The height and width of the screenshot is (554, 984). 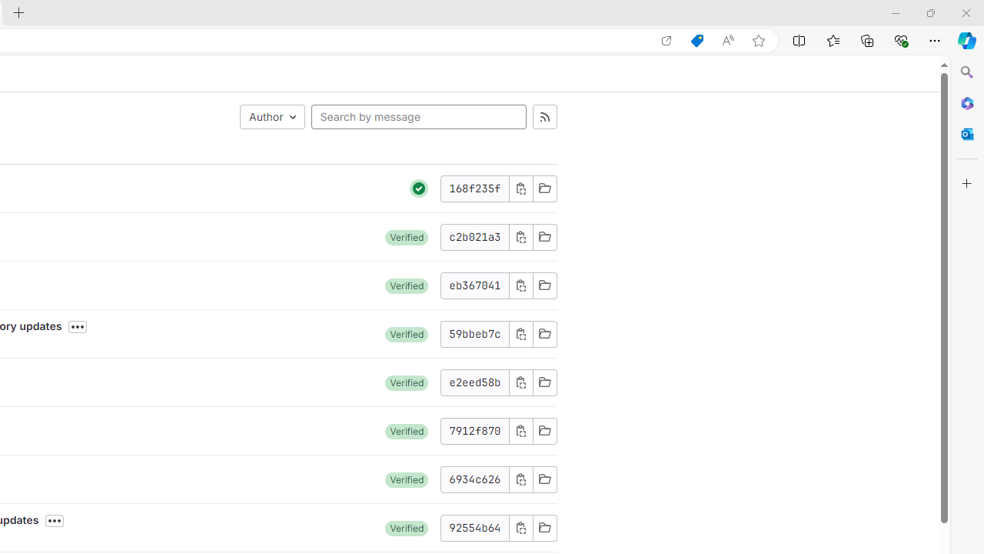 What do you see at coordinates (799, 39) in the screenshot?
I see `'Split screen'` at bounding box center [799, 39].